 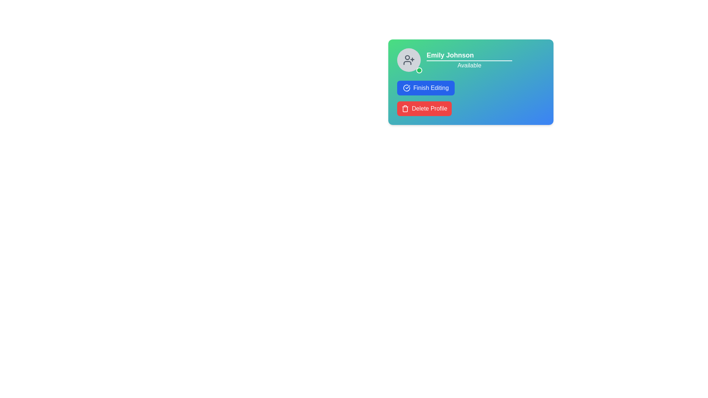 What do you see at coordinates (419, 70) in the screenshot?
I see `the status indicator located at the bottom-right of the profile avatar icon in the user information card` at bounding box center [419, 70].